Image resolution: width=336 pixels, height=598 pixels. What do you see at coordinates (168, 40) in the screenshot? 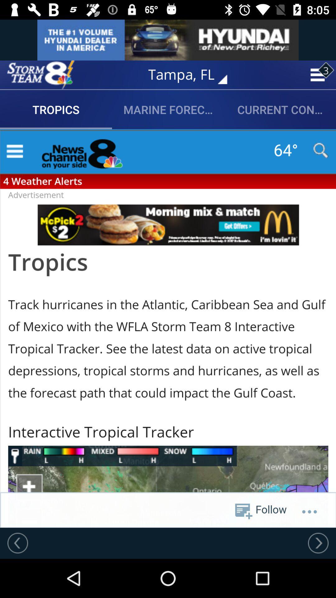
I see `show an advertisement` at bounding box center [168, 40].